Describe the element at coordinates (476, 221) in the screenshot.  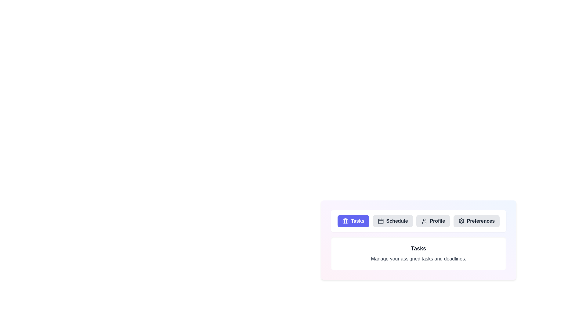
I see `the Preferences tab` at that location.